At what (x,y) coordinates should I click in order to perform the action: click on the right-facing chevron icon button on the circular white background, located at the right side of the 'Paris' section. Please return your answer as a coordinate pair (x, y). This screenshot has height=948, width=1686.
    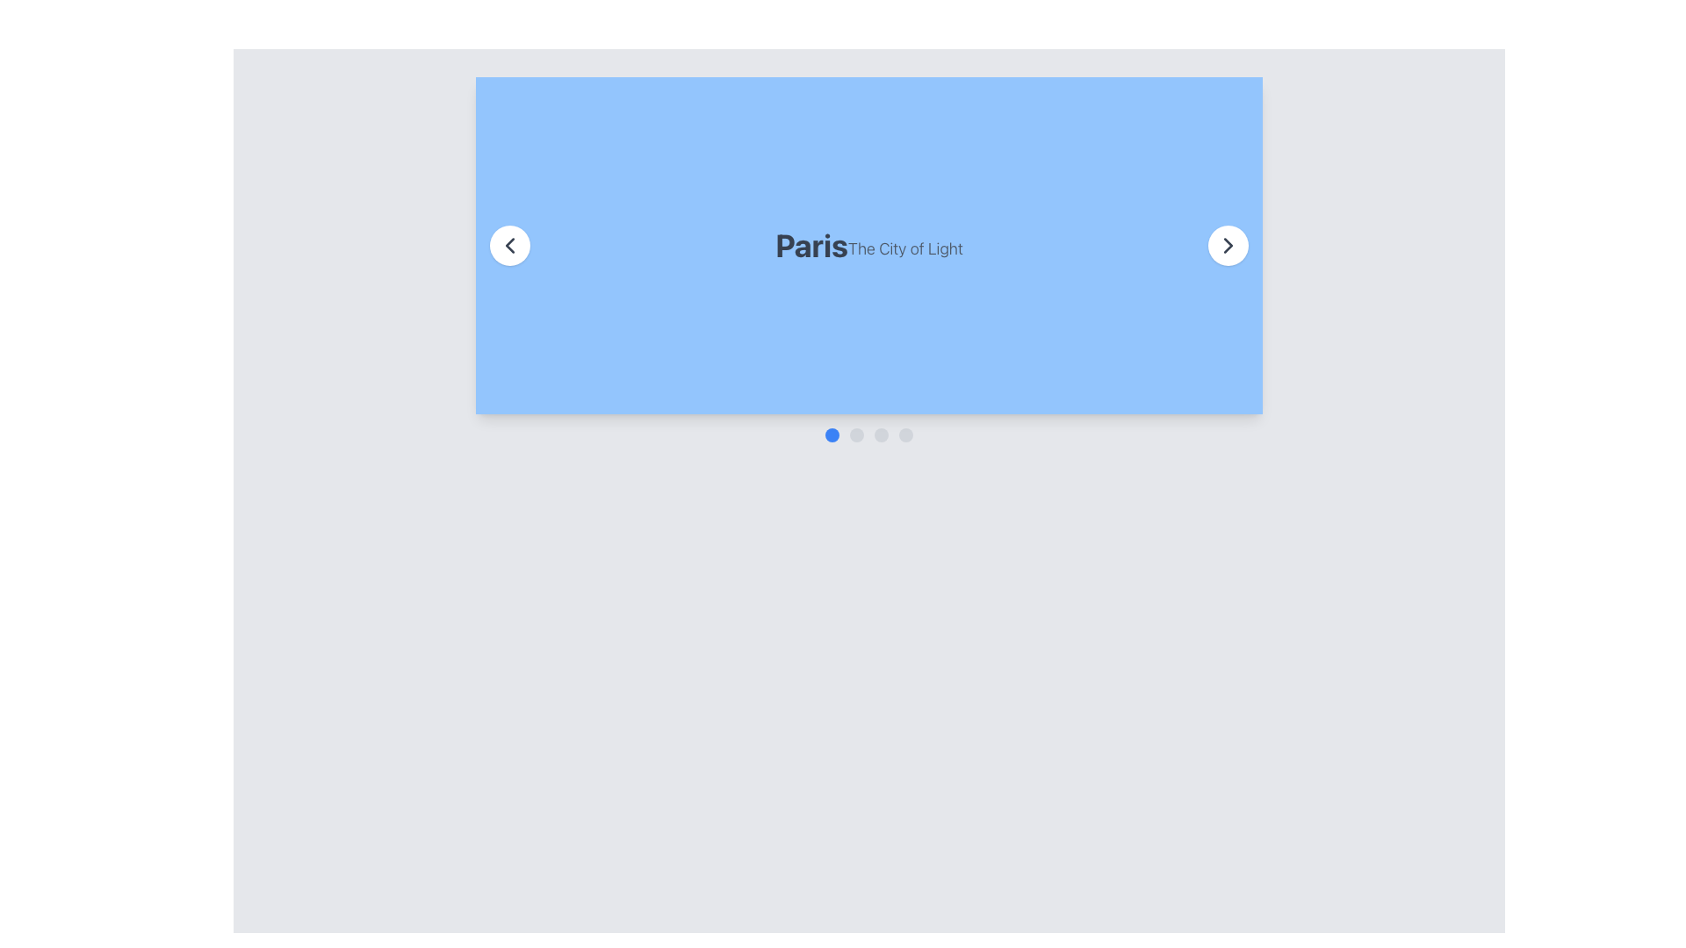
    Looking at the image, I should click on (1227, 246).